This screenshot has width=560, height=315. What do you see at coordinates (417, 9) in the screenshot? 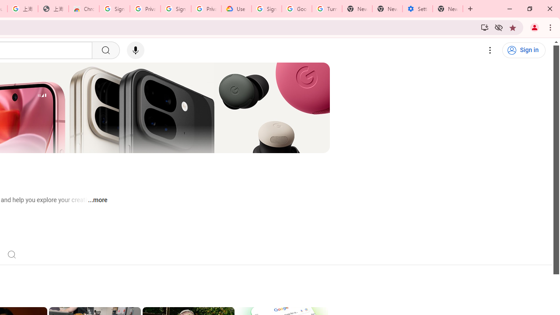
I see `'Settings - System'` at bounding box center [417, 9].